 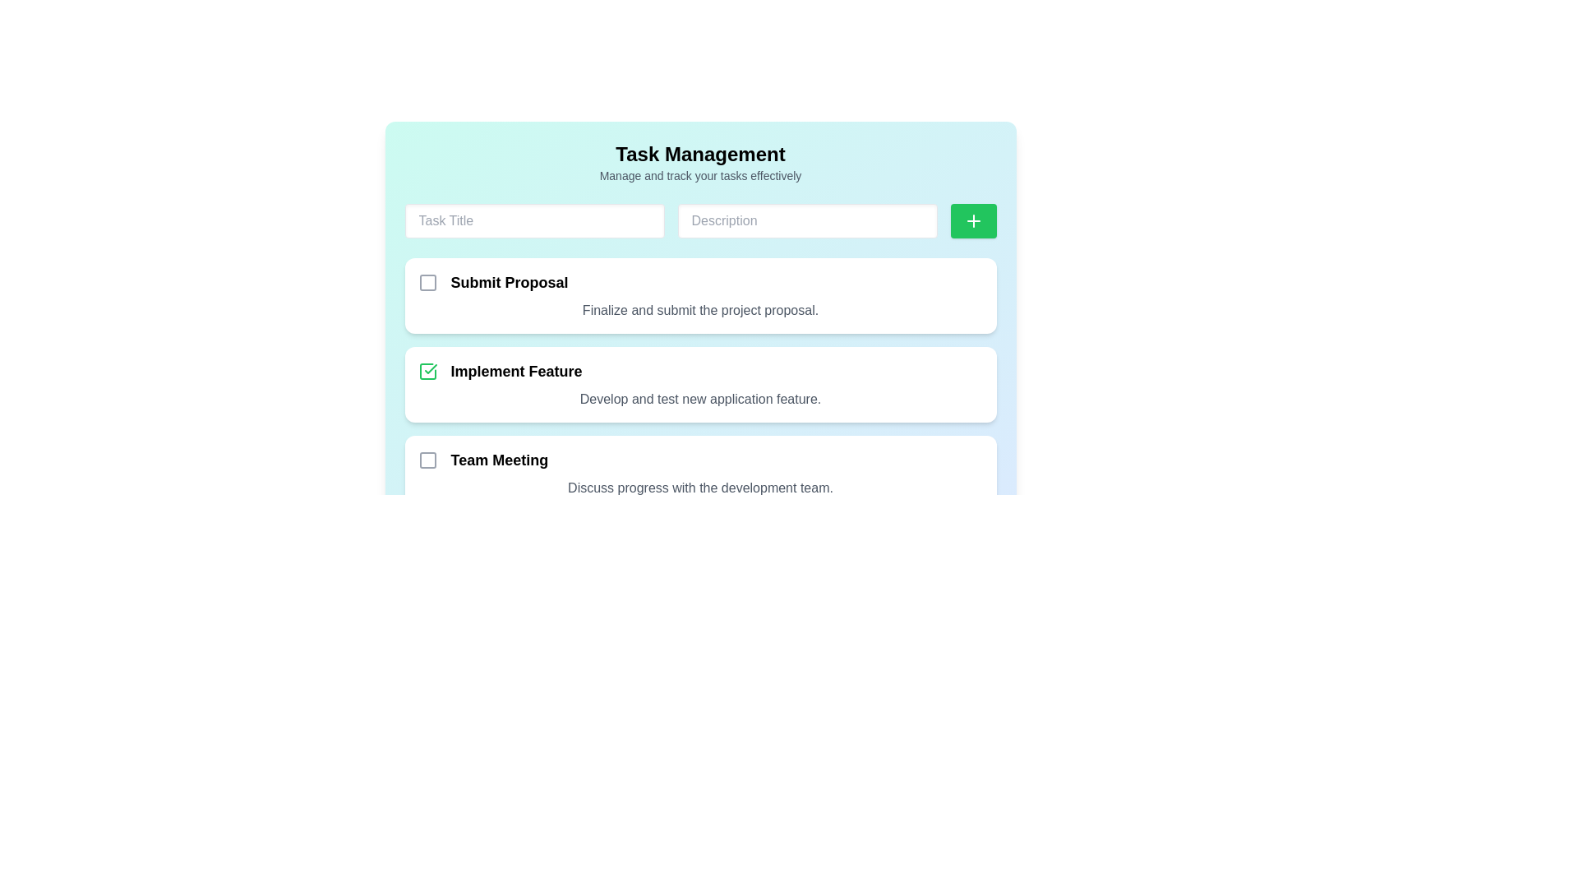 I want to click on text block containing 'Develop and test new application feature.' located below the title 'Implement Feature.', so click(x=700, y=400).